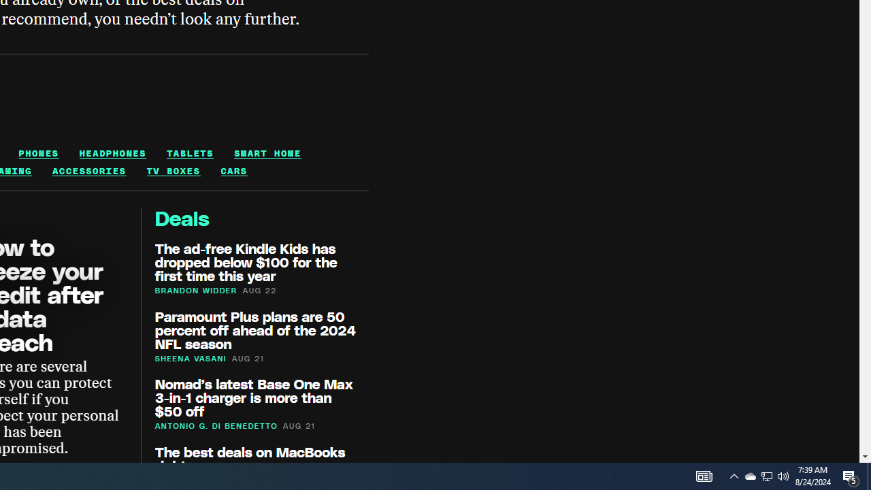 The height and width of the screenshot is (490, 871). Describe the element at coordinates (233, 170) in the screenshot. I see `'CARS'` at that location.